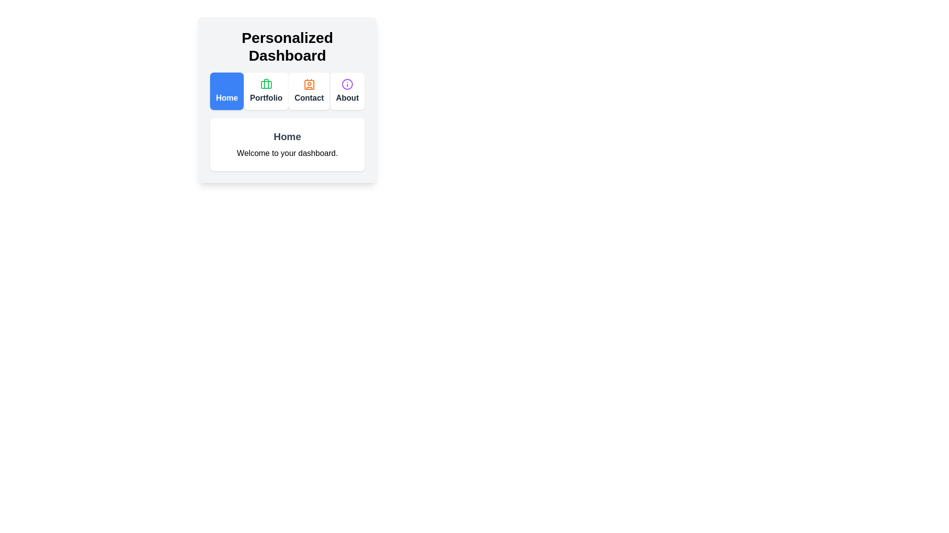  What do you see at coordinates (308, 91) in the screenshot?
I see `the tab labeled Contact to view its content` at bounding box center [308, 91].